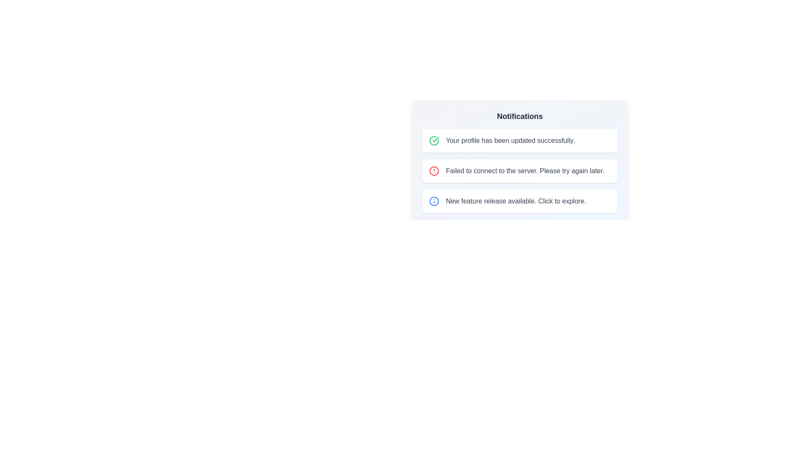 The height and width of the screenshot is (454, 807). What do you see at coordinates (434, 201) in the screenshot?
I see `the purpose of the circular blue information icon located` at bounding box center [434, 201].